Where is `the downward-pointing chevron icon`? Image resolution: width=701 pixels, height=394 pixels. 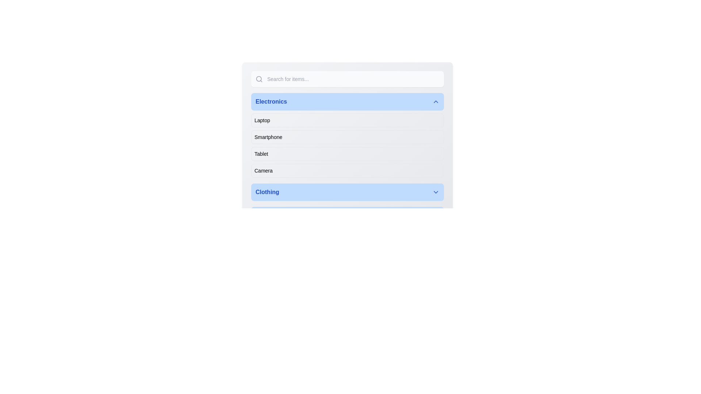 the downward-pointing chevron icon is located at coordinates (436, 192).